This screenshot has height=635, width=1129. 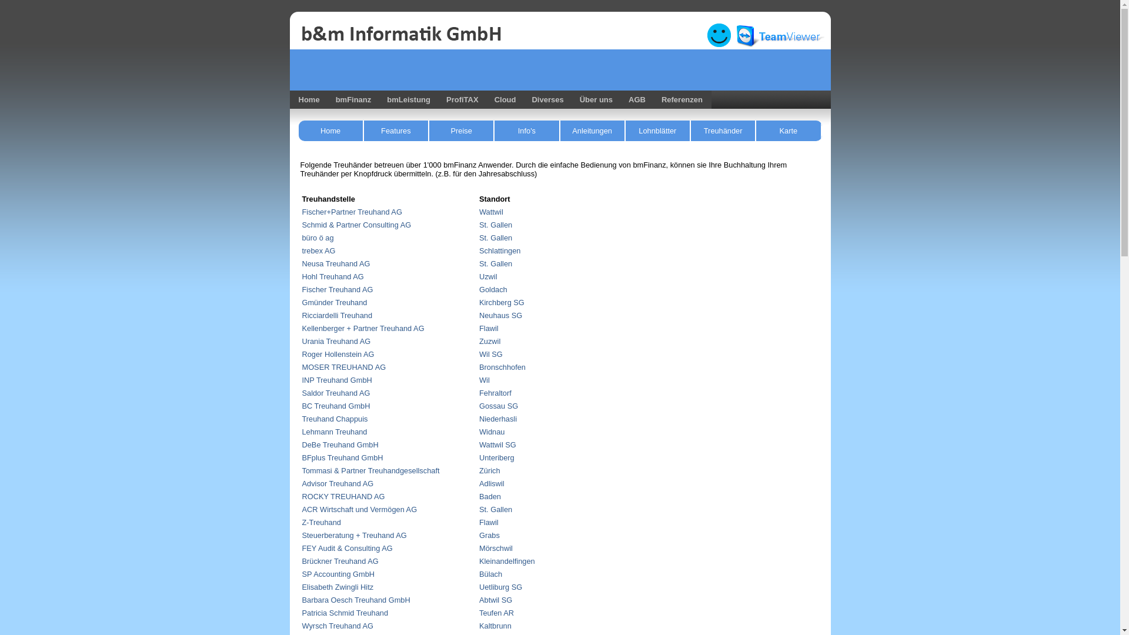 What do you see at coordinates (485, 380) in the screenshot?
I see `'Wil'` at bounding box center [485, 380].